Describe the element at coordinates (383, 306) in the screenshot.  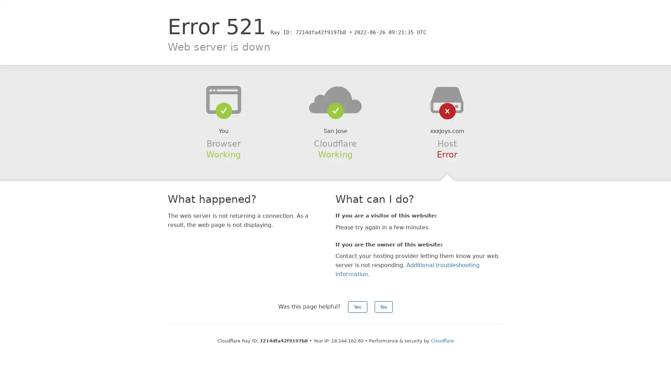
I see `No` at that location.